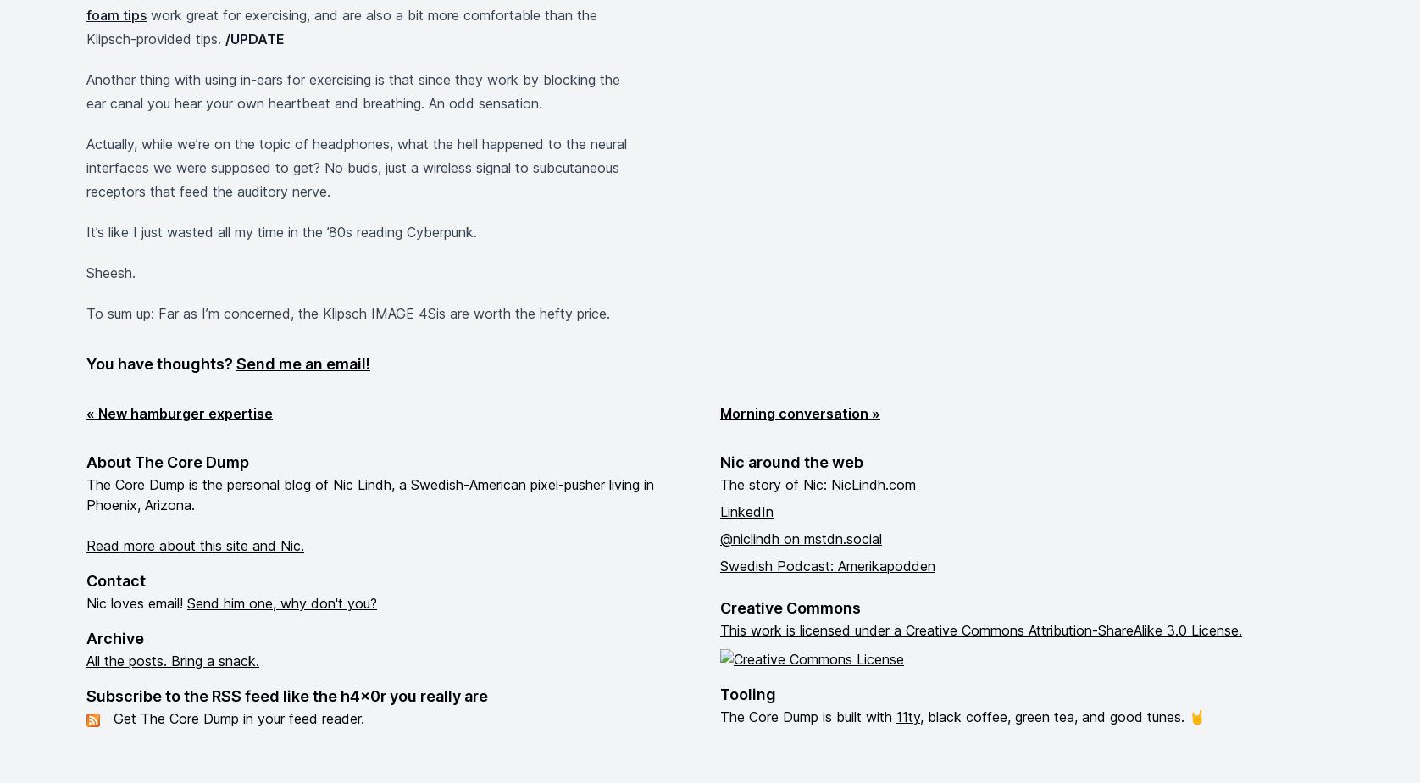 The height and width of the screenshot is (783, 1420). I want to click on 'Subscribe to the RSS feed like the h4x0r you really are', so click(86, 696).